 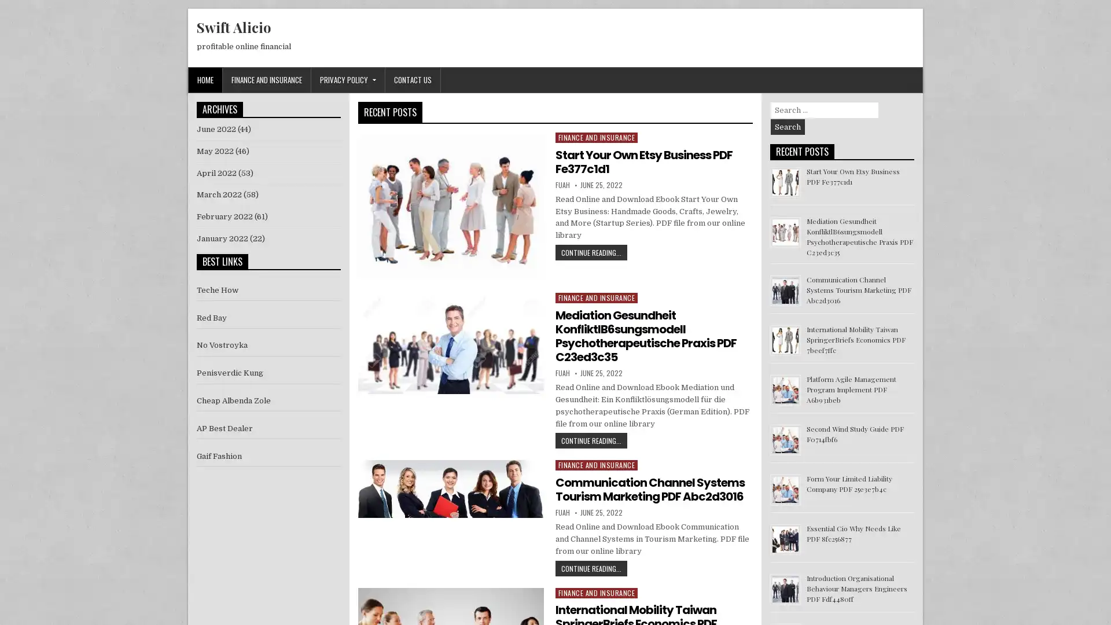 I want to click on Search, so click(x=787, y=127).